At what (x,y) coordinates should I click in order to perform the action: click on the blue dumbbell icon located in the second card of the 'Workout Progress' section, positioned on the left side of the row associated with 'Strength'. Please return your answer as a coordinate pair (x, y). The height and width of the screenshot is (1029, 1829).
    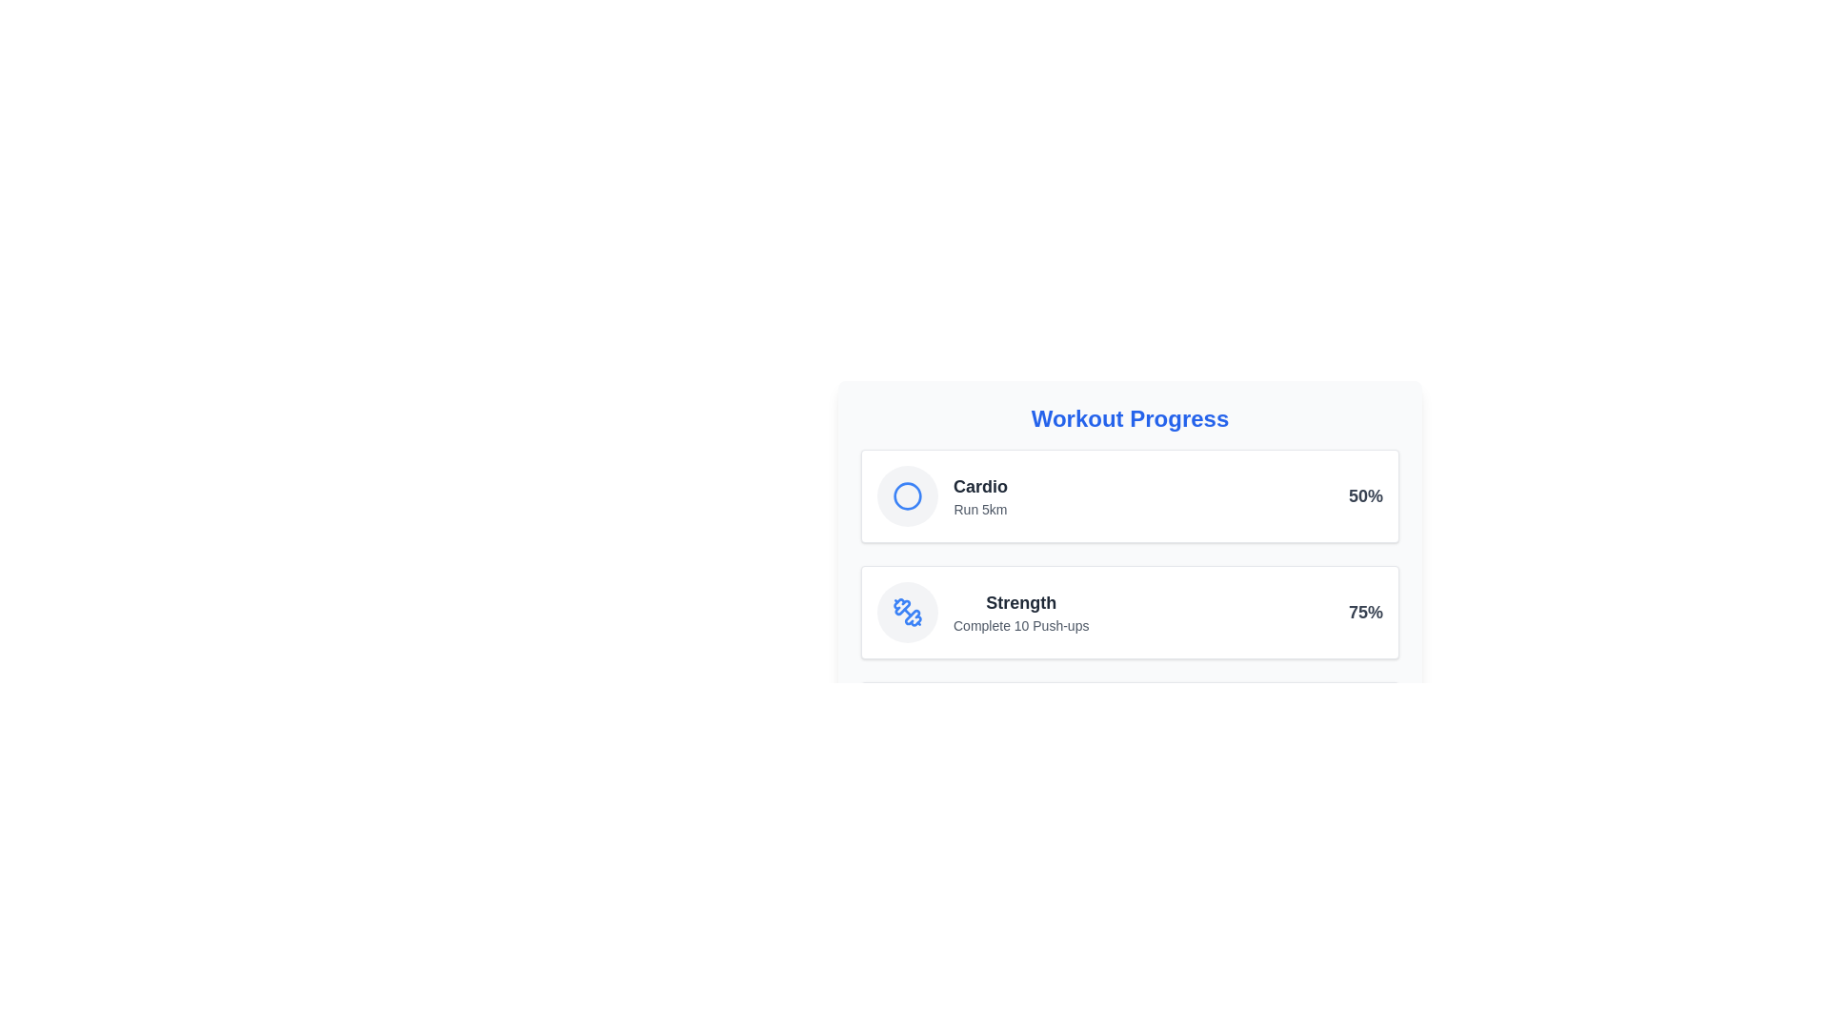
    Looking at the image, I should click on (907, 613).